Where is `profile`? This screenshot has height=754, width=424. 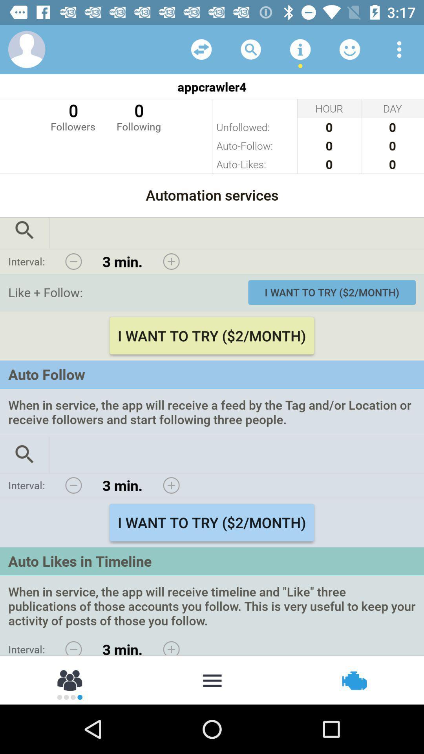 profile is located at coordinates (26, 49).